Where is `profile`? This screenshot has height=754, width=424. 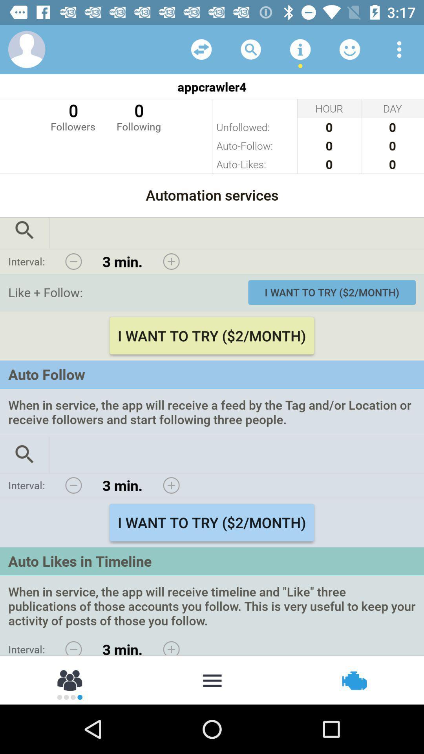 profile is located at coordinates (26, 49).